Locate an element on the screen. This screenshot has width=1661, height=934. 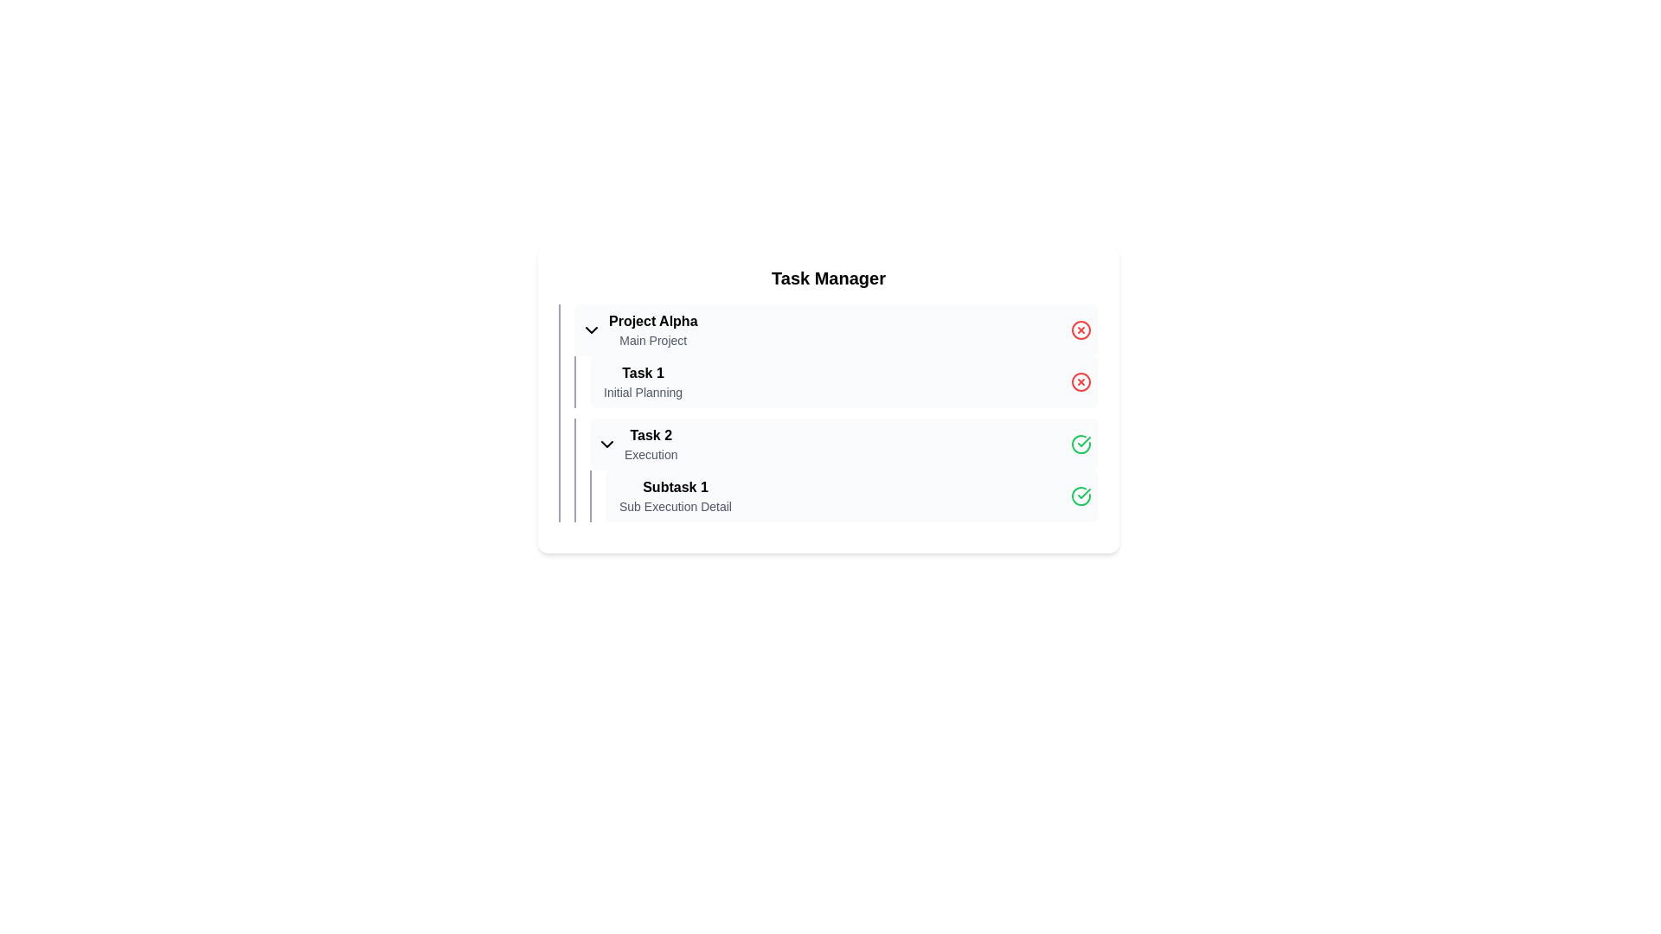
the downward-facing chevron icon is located at coordinates (592, 329).